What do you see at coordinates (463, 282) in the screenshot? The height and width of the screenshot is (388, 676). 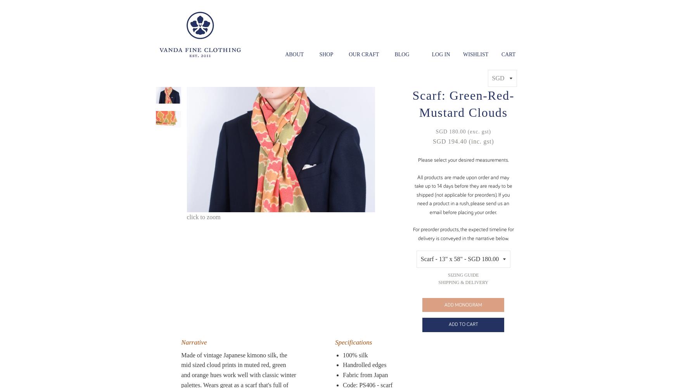 I see `'Shipping & Delivery'` at bounding box center [463, 282].